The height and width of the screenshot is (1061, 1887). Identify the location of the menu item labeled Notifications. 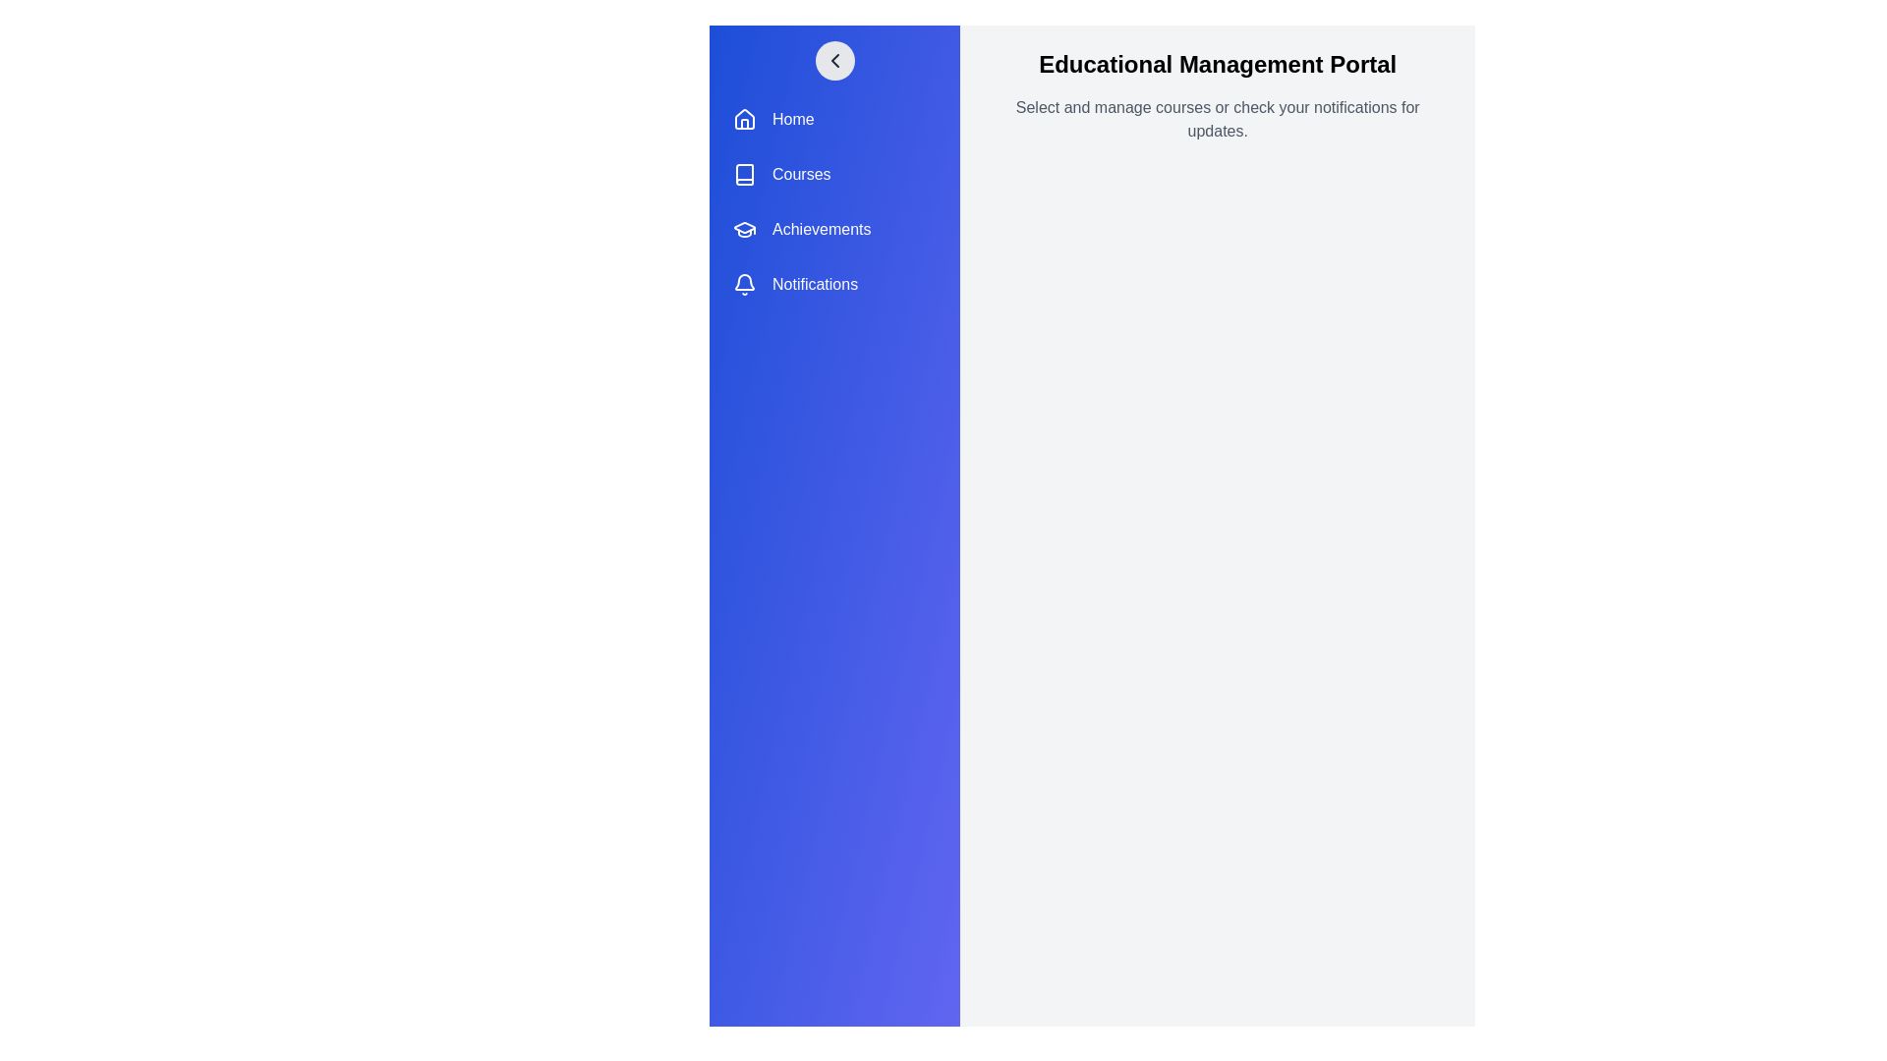
(834, 284).